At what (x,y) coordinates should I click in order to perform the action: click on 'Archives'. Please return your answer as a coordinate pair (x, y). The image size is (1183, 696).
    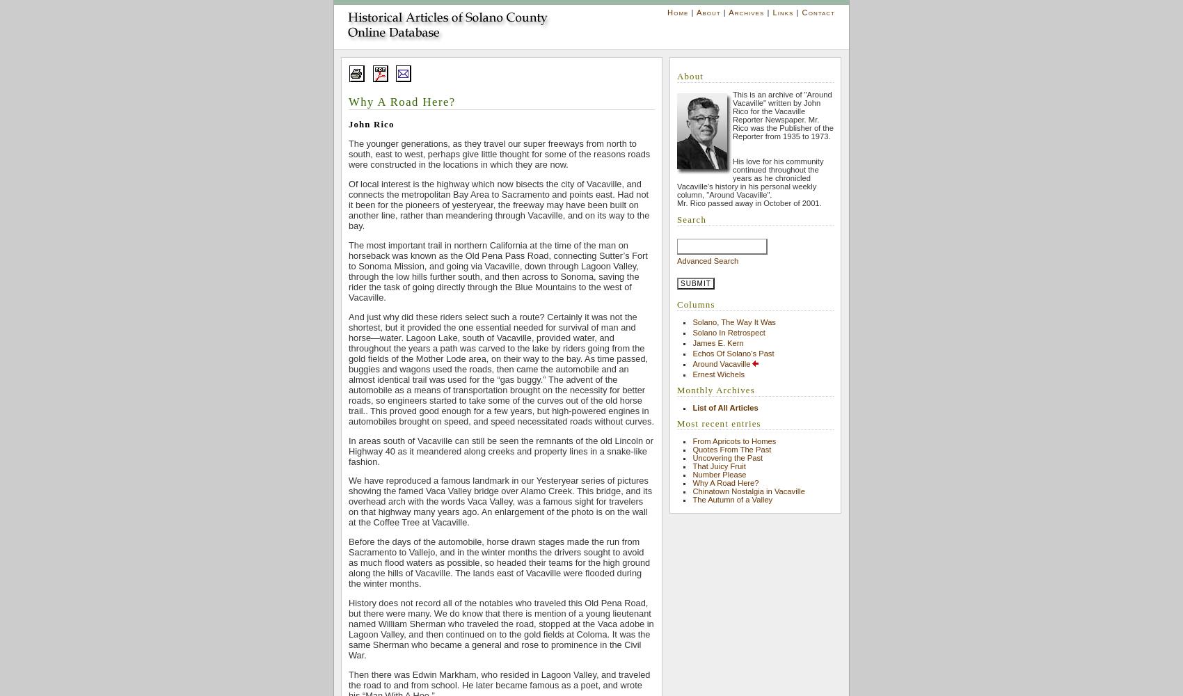
    Looking at the image, I should click on (746, 13).